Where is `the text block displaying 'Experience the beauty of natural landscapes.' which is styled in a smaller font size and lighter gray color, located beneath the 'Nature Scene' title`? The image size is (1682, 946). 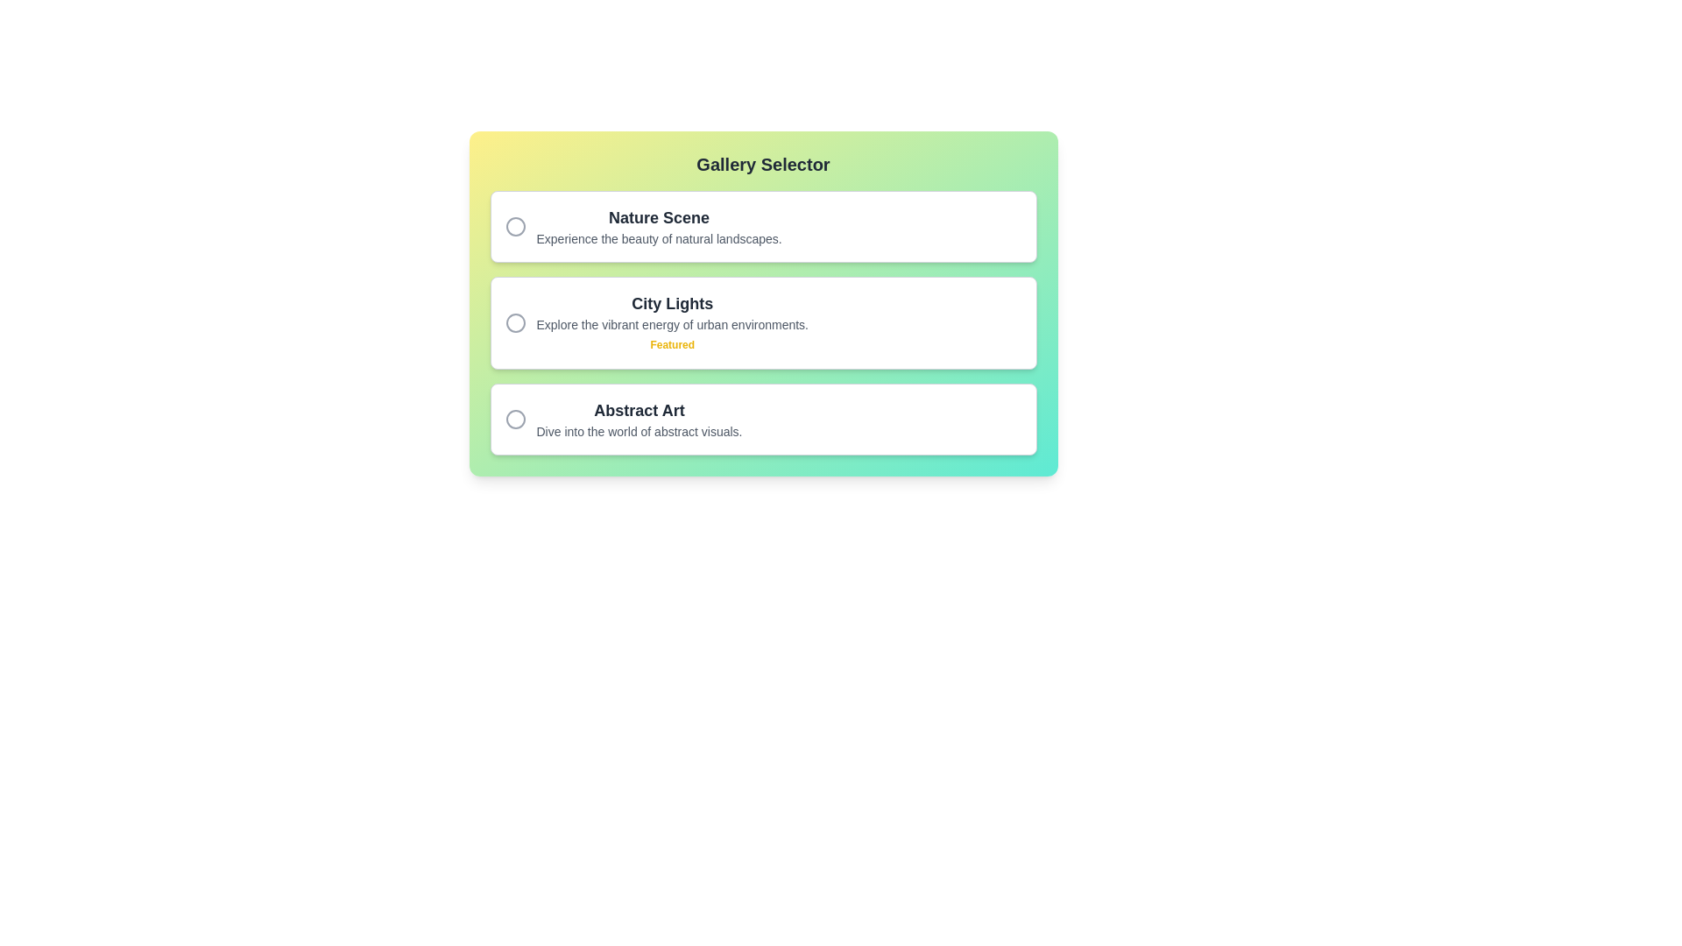 the text block displaying 'Experience the beauty of natural landscapes.' which is styled in a smaller font size and lighter gray color, located beneath the 'Nature Scene' title is located at coordinates (658, 239).